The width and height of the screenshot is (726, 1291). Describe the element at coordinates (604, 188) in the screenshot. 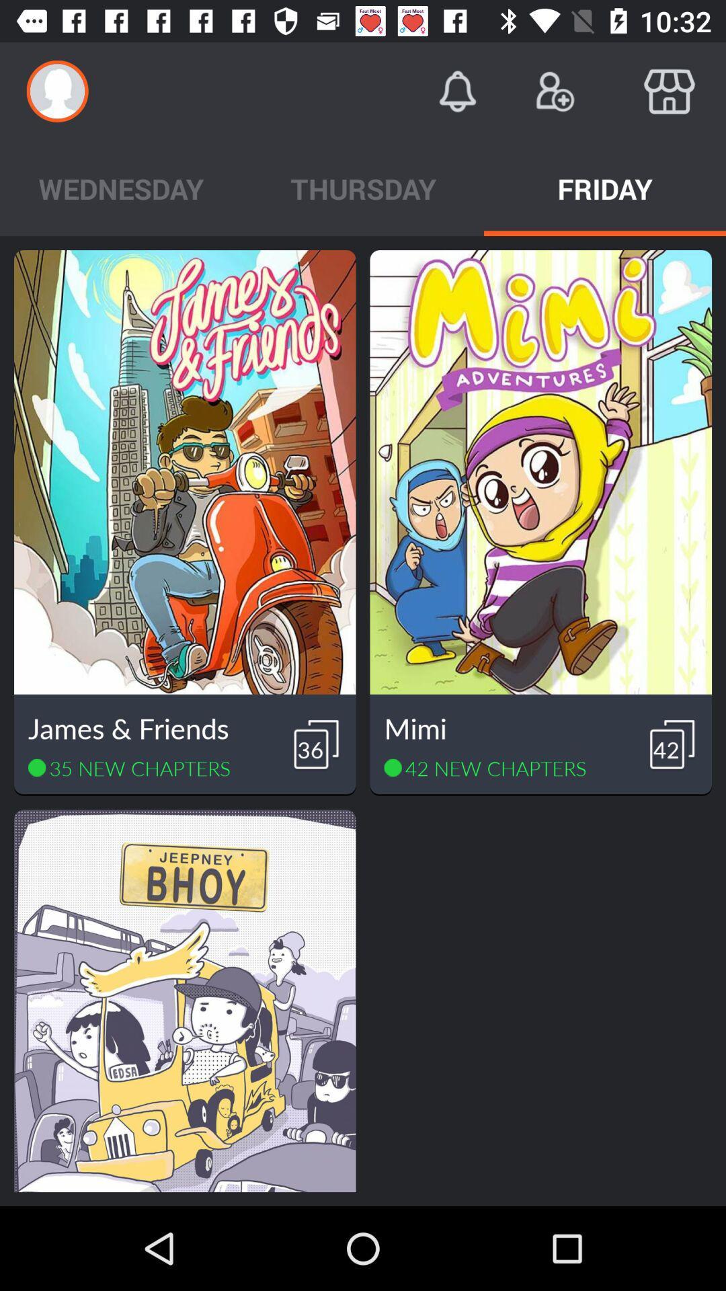

I see `icon to the right of thursday  icon` at that location.